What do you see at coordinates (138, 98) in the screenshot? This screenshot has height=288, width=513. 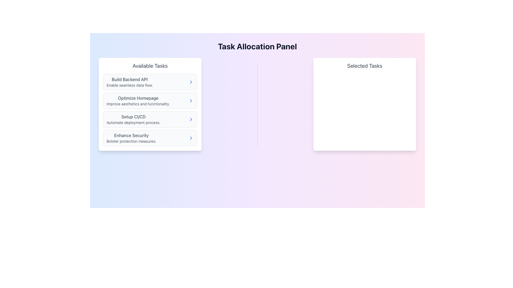 I see `the 'Optimize Homepage' text label, which is the first header in the 'Available Tasks' section, displayed in bold within a white rectangular card` at bounding box center [138, 98].